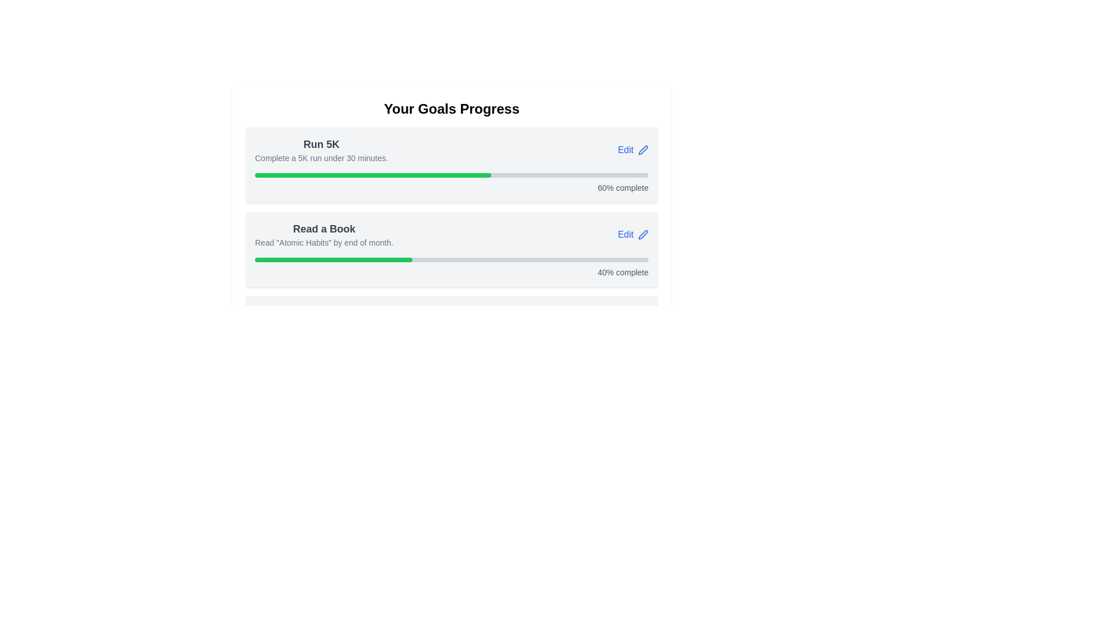  What do you see at coordinates (643, 234) in the screenshot?
I see `the minimalist pen icon located within the 'Edit' button on the right end of the 'Read a Book' progress bar` at bounding box center [643, 234].